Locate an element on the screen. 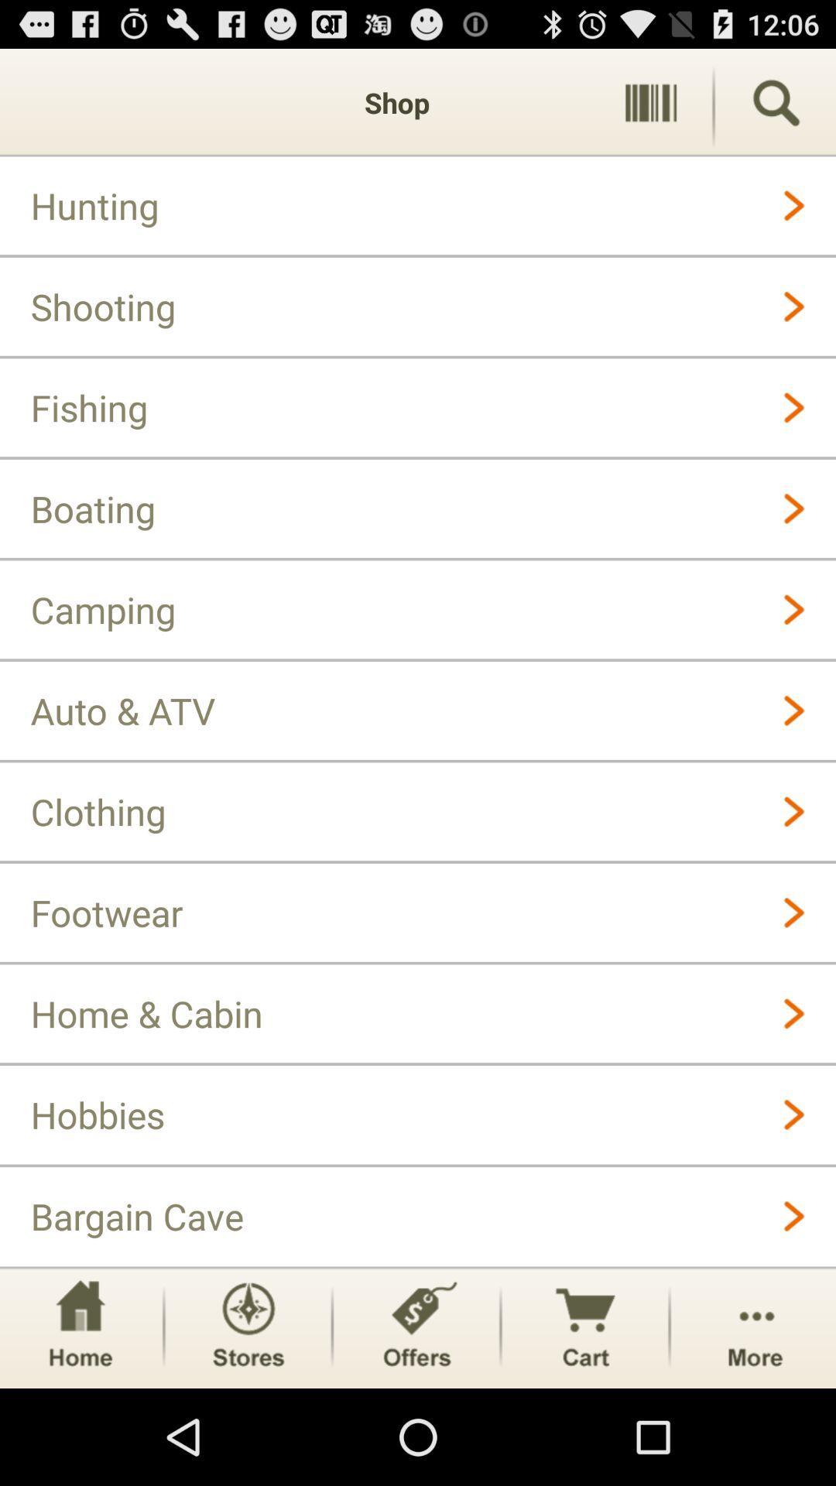 This screenshot has width=836, height=1486. the more icon is located at coordinates (754, 1420).